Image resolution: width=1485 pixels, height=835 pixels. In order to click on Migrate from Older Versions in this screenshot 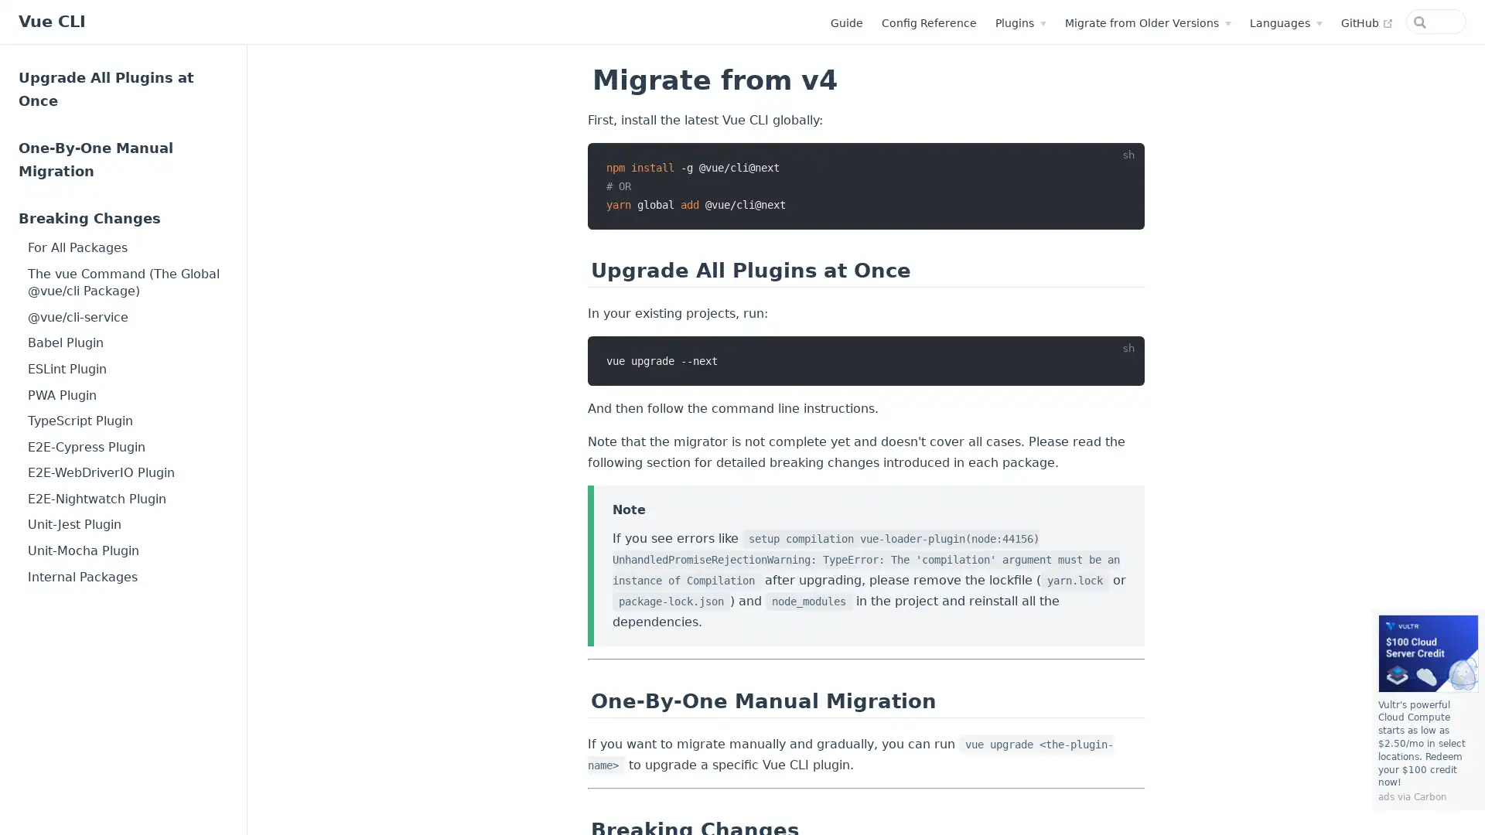, I will do `click(1084, 23)`.